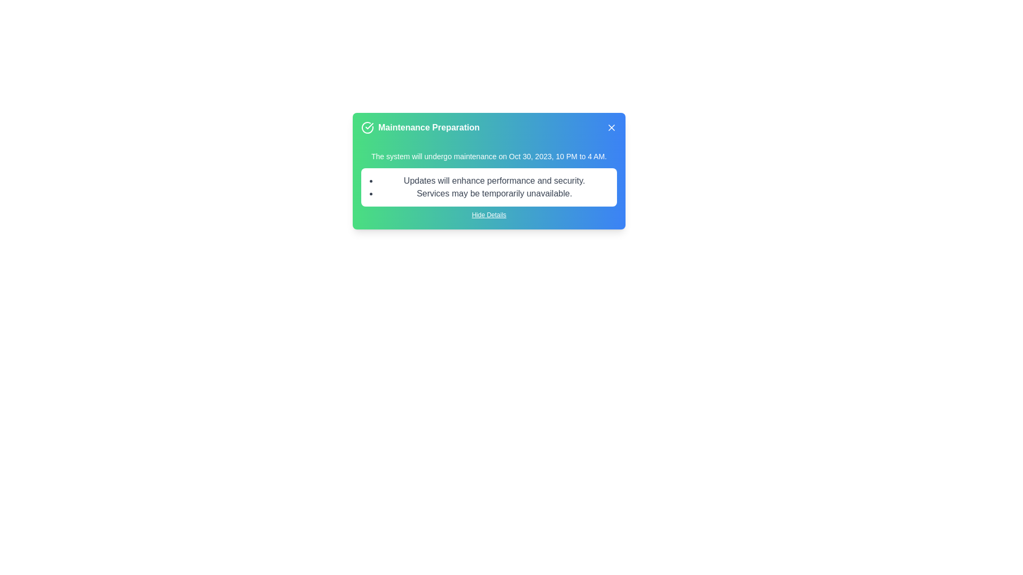 This screenshot has width=1023, height=575. Describe the element at coordinates (488, 215) in the screenshot. I see `the 'Hide Details' link to toggle the visibility of additional details` at that location.